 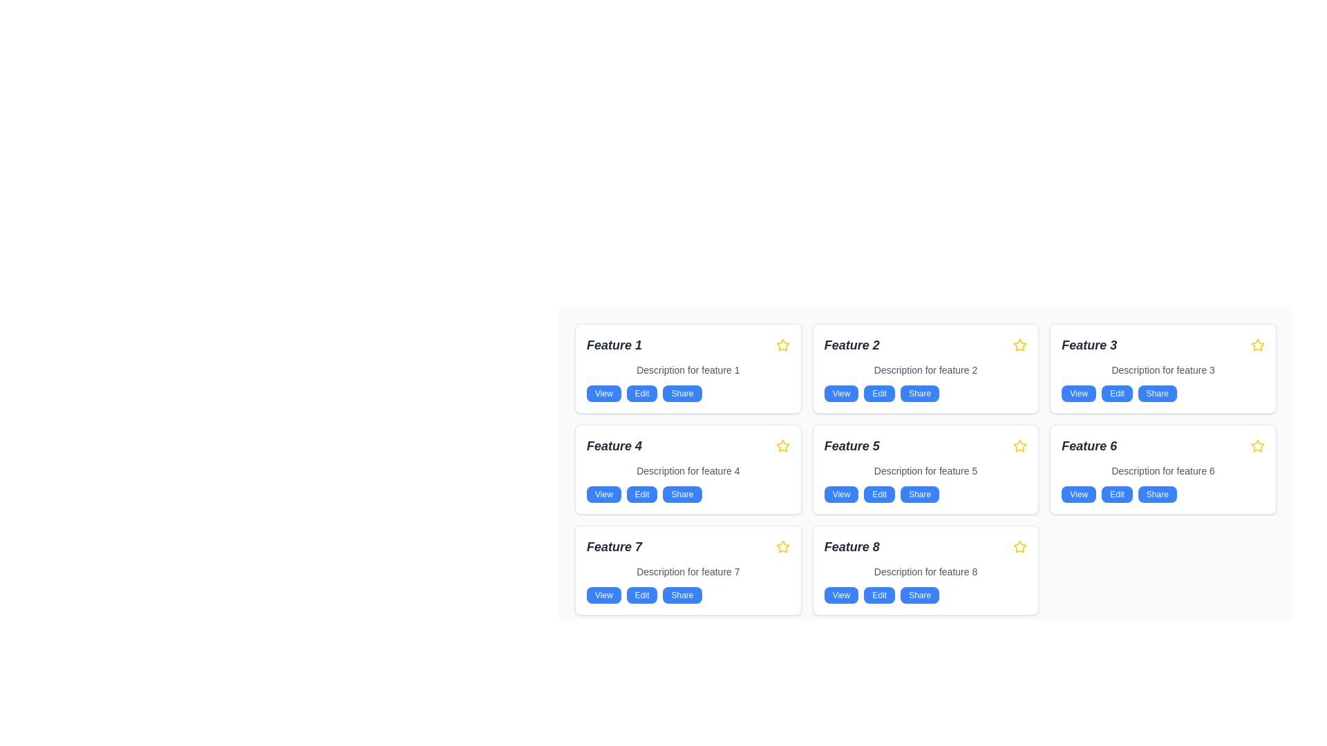 What do you see at coordinates (613, 446) in the screenshot?
I see `the text label reading 'Feature 4', which is styled in italicized and bold dark gray font and is located in the second row, first column of the grid layout` at bounding box center [613, 446].